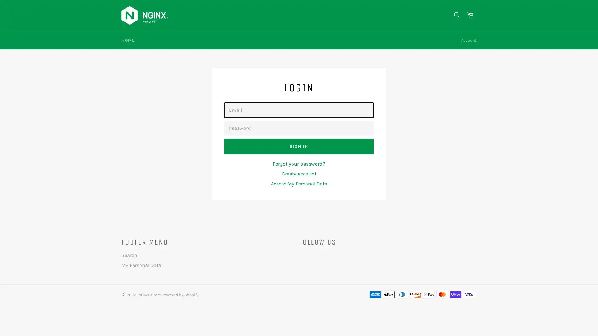 This screenshot has height=336, width=598. What do you see at coordinates (456, 14) in the screenshot?
I see `Search` at bounding box center [456, 14].